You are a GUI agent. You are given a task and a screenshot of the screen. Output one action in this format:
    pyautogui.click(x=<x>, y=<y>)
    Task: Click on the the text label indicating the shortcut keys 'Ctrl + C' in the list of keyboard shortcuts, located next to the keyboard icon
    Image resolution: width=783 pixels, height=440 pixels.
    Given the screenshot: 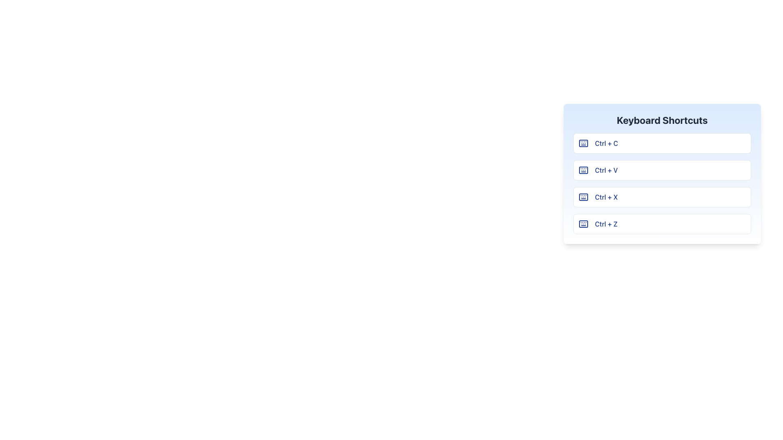 What is the action you would take?
    pyautogui.click(x=606, y=143)
    